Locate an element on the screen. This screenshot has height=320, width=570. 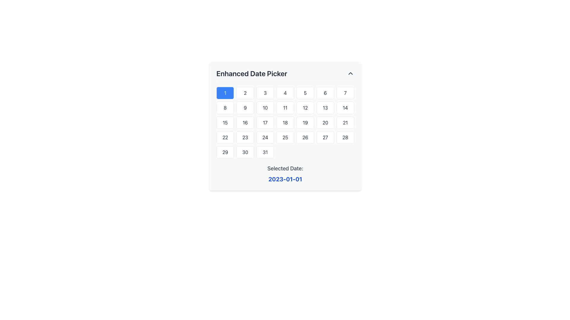
the selectable date button for the date '24' in the Enhanced Date Picker calendar interface is located at coordinates (265, 137).